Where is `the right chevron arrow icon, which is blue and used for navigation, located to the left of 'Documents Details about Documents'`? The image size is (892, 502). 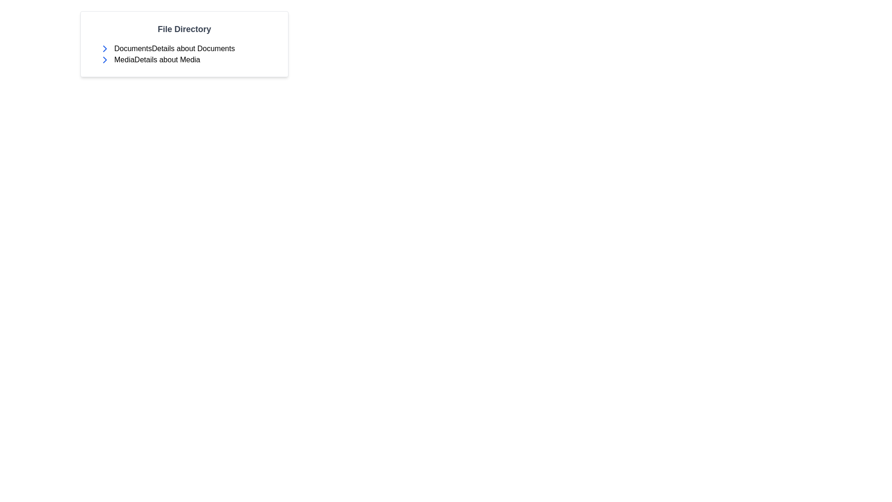
the right chevron arrow icon, which is blue and used for navigation, located to the left of 'Documents Details about Documents' is located at coordinates (105, 59).